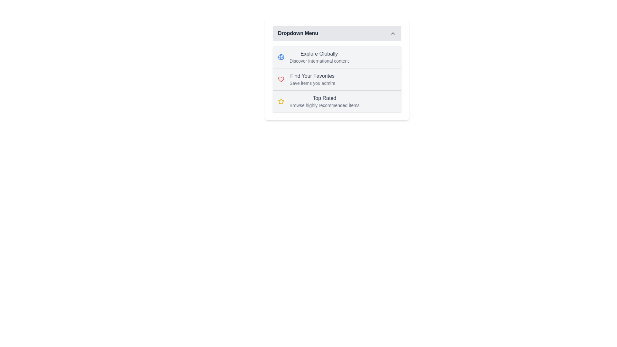  What do you see at coordinates (281, 57) in the screenshot?
I see `the SVG circle element that has a blue border and white fill, located inside a globe icon next to the 'Explore Globally' text in the dropdown menu` at bounding box center [281, 57].